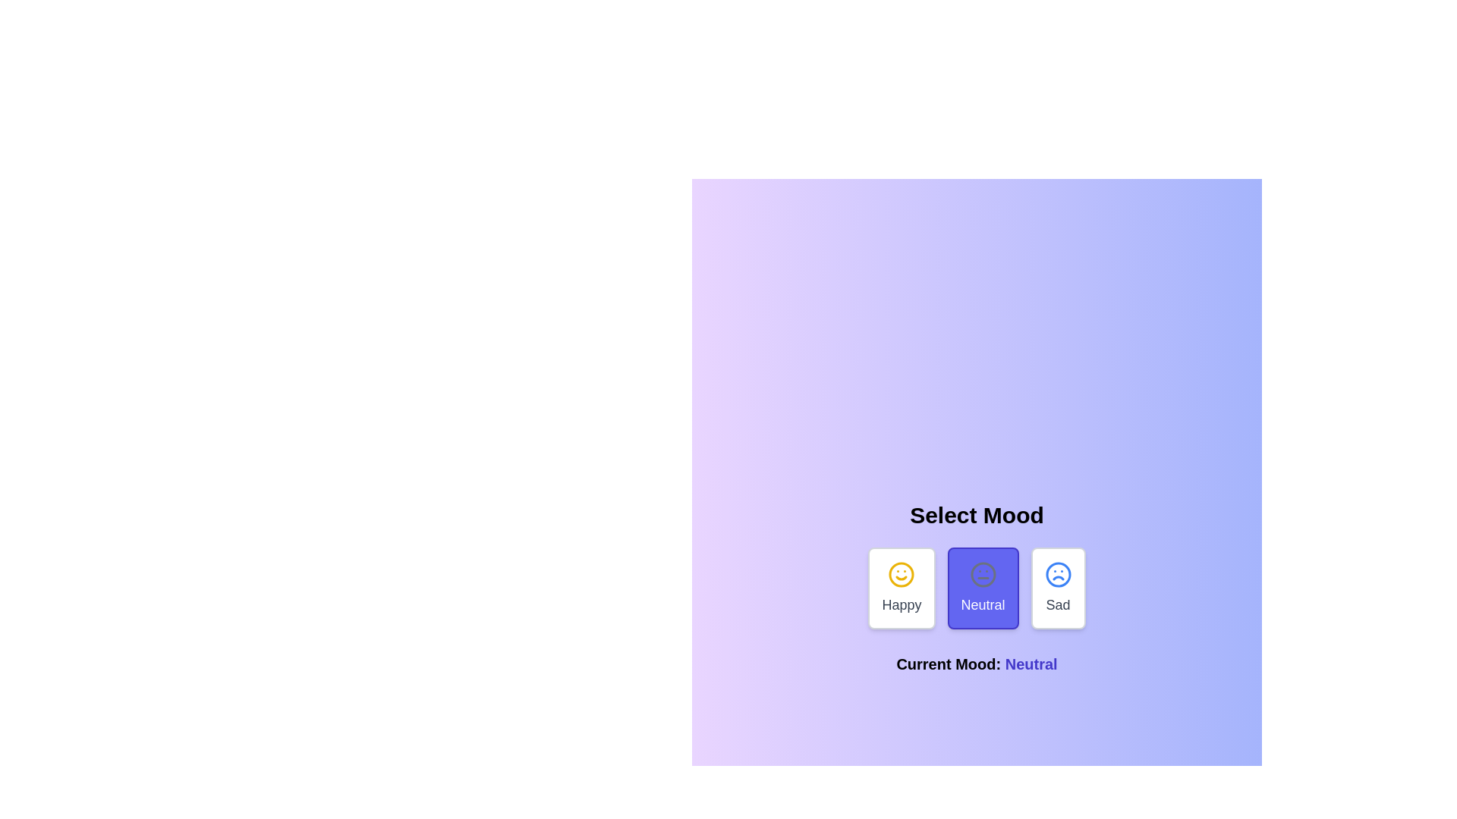  Describe the element at coordinates (983, 587) in the screenshot. I see `the mood option Neutral to select it` at that location.